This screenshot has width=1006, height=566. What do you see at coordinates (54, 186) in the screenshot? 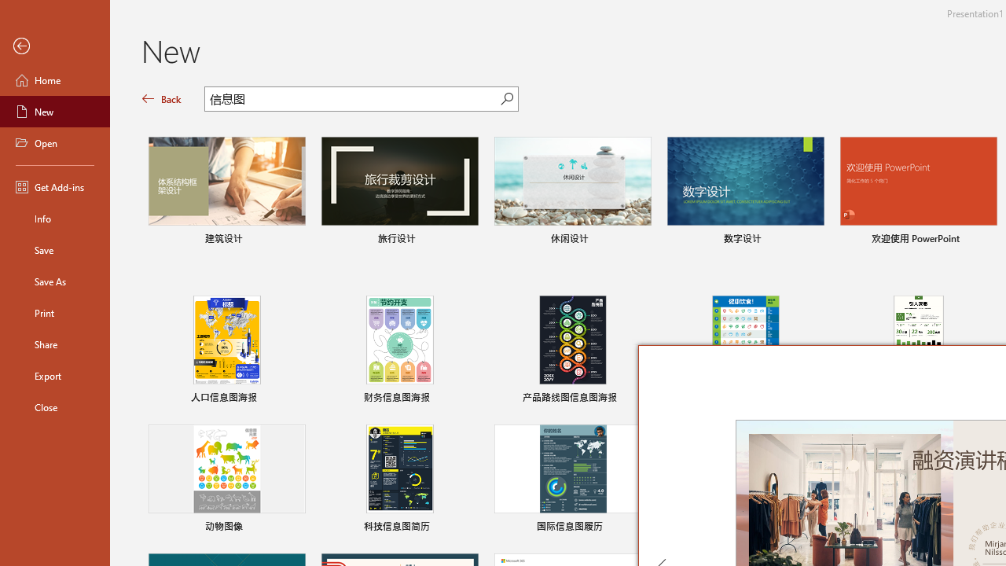
I see `'Get Add-ins'` at bounding box center [54, 186].